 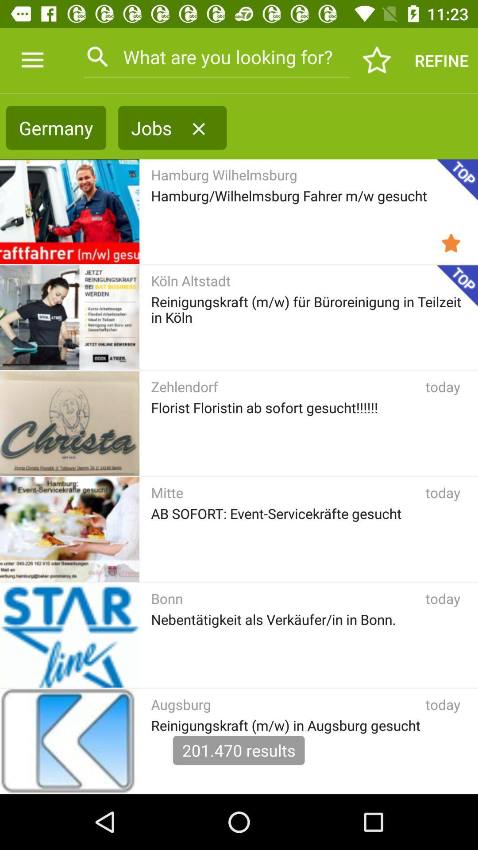 I want to click on the item to the right of jobs icon, so click(x=198, y=128).